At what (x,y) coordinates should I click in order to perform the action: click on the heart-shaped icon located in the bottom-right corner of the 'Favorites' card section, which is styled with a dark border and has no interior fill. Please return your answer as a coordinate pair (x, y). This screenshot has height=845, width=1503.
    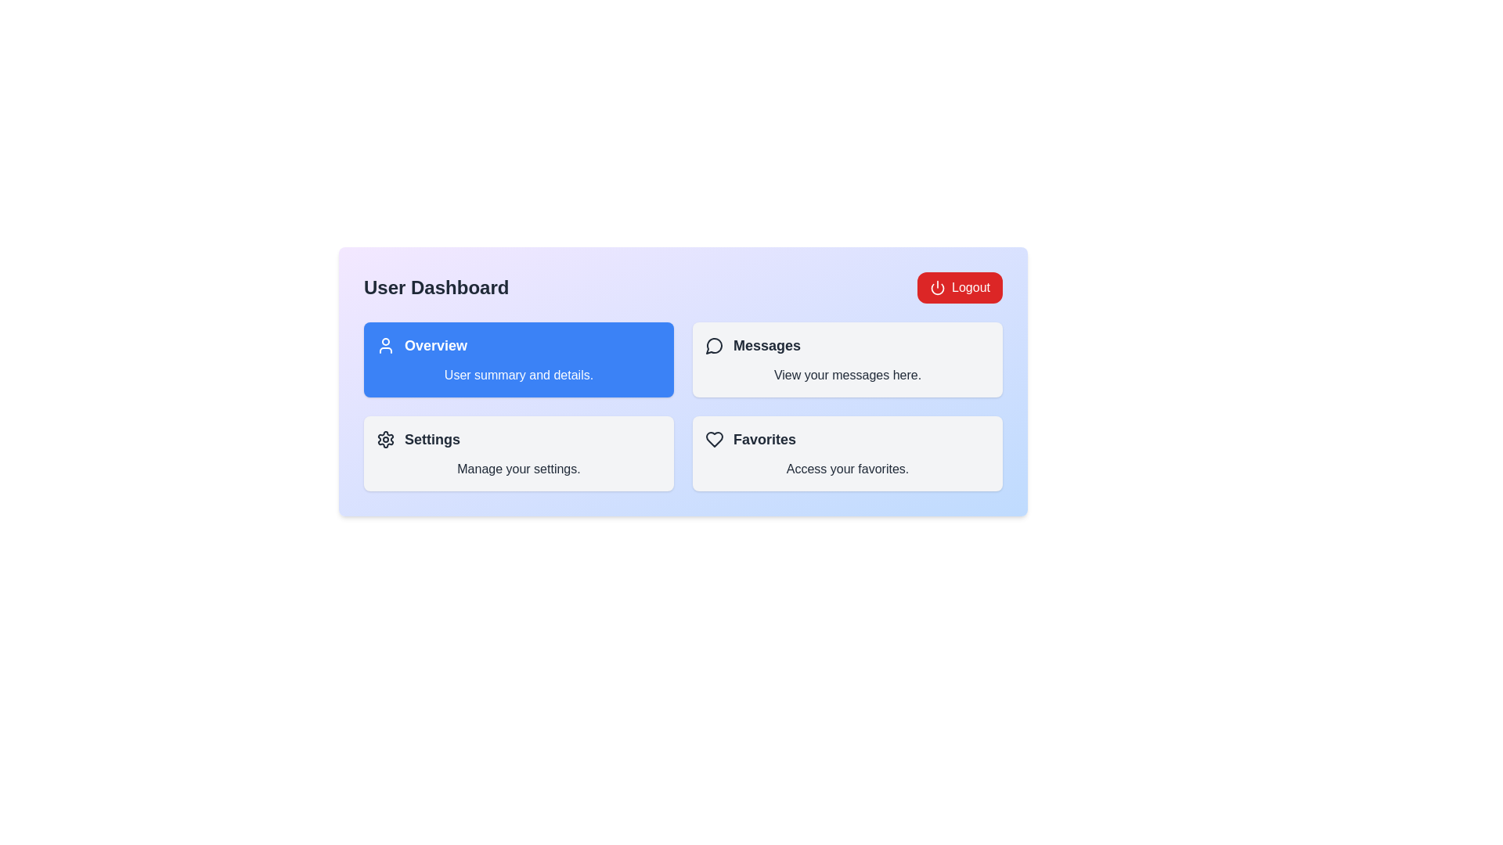
    Looking at the image, I should click on (713, 440).